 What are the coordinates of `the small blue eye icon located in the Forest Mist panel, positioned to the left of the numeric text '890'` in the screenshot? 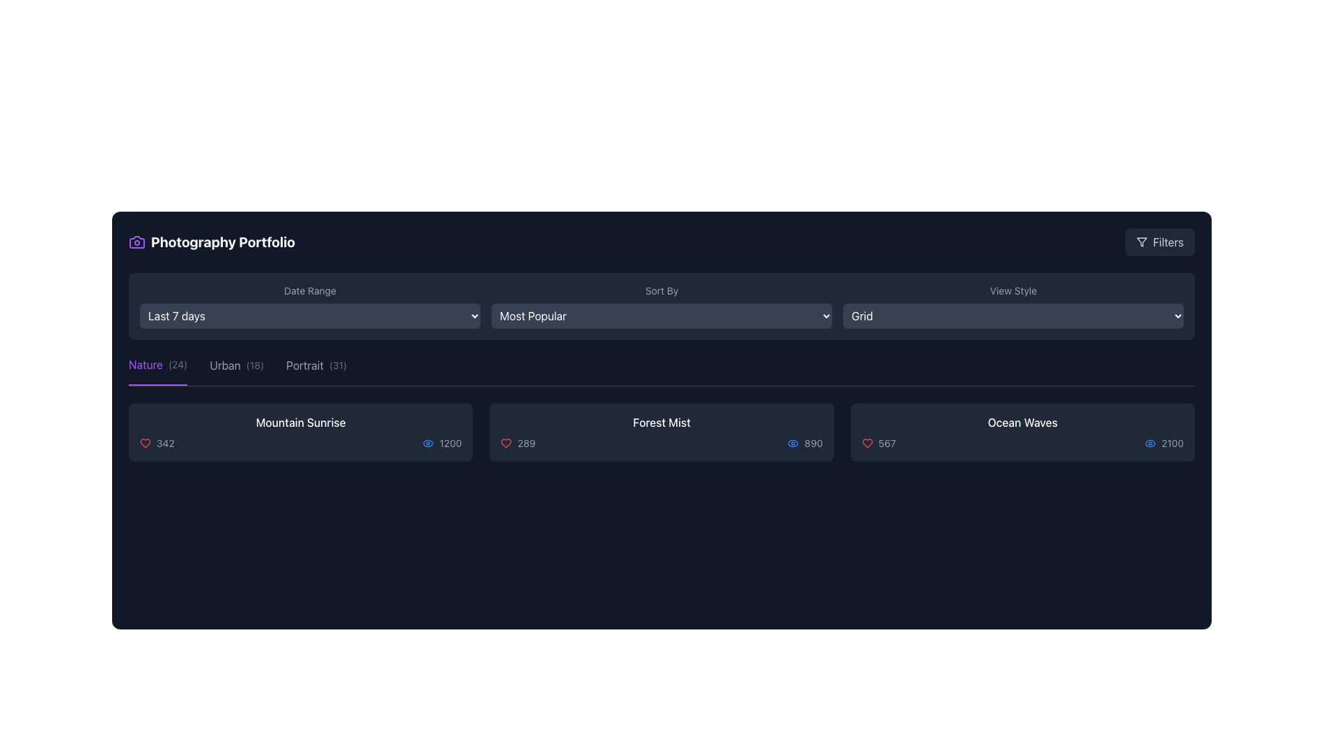 It's located at (793, 443).